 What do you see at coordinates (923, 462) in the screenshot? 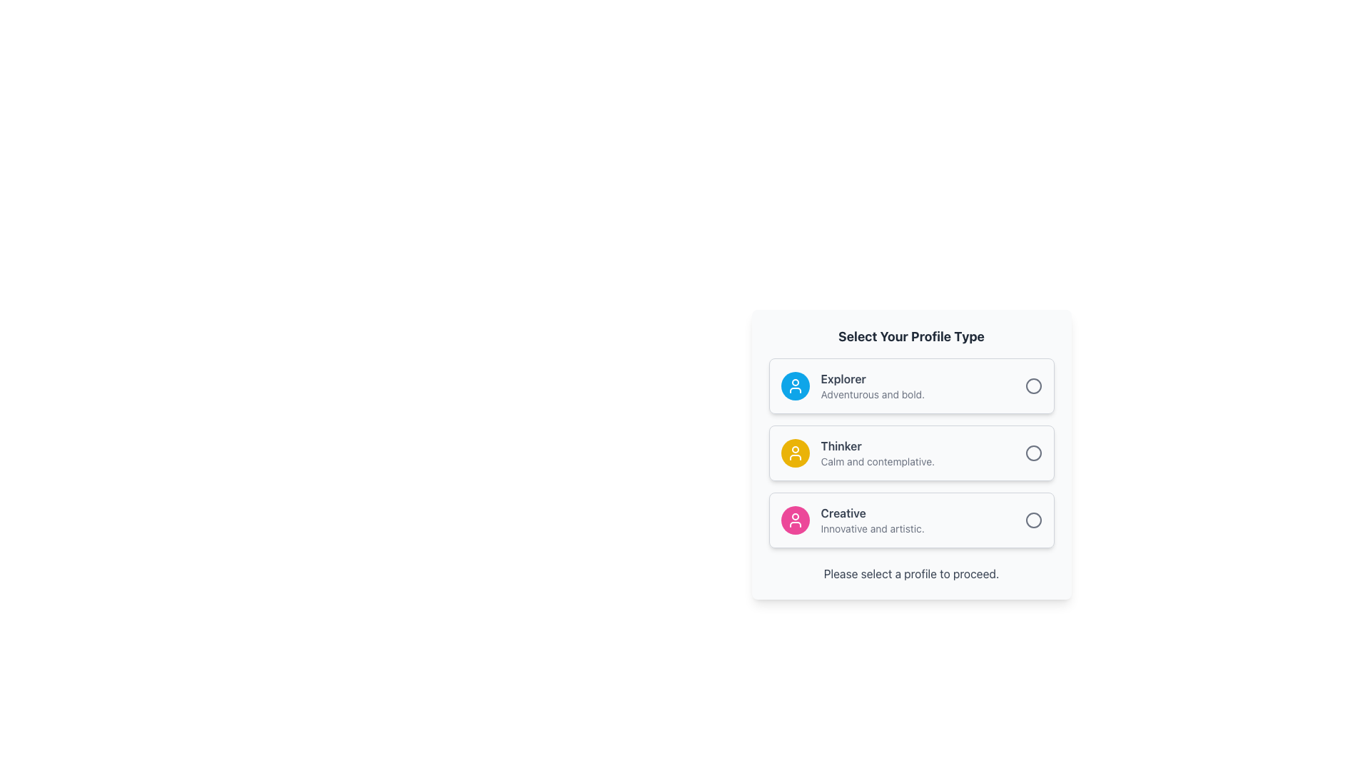
I see `the static text label that reads 'Calm and contemplative', located below the 'Thinker' title in the profile types section` at bounding box center [923, 462].